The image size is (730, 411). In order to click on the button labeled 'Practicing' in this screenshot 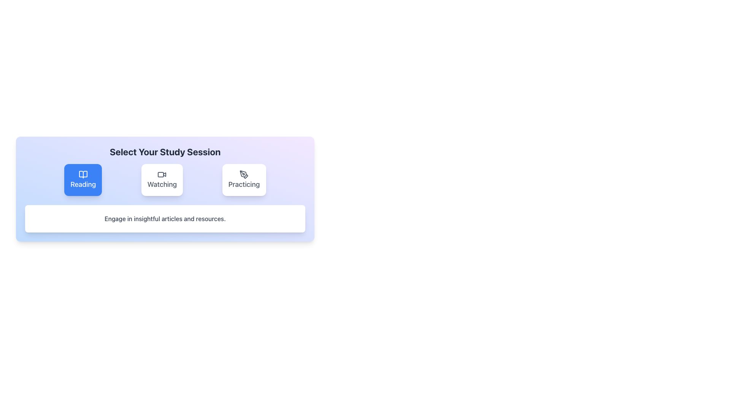, I will do `click(244, 185)`.